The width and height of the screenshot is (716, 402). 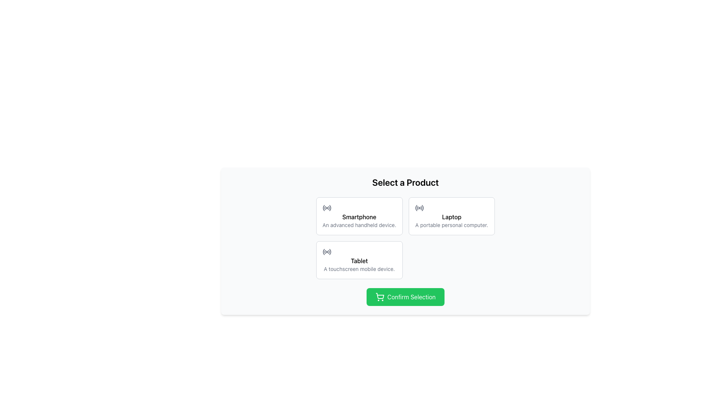 I want to click on the selectable product category item within the grid located beneath the title 'Select a Product' and above the 'Confirm Selection' button, so click(x=405, y=238).